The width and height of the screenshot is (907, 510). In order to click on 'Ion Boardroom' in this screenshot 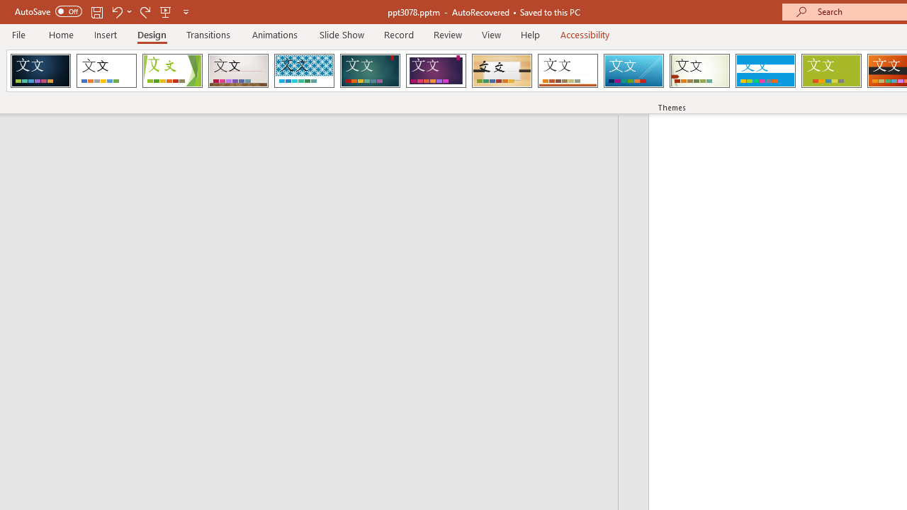, I will do `click(435, 71)`.